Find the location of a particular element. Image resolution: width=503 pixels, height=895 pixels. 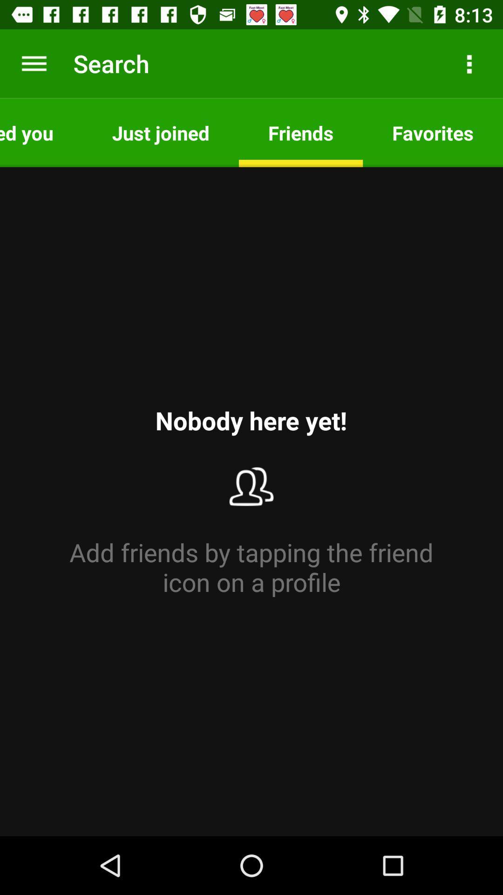

the item to the left of the search is located at coordinates (34, 63).